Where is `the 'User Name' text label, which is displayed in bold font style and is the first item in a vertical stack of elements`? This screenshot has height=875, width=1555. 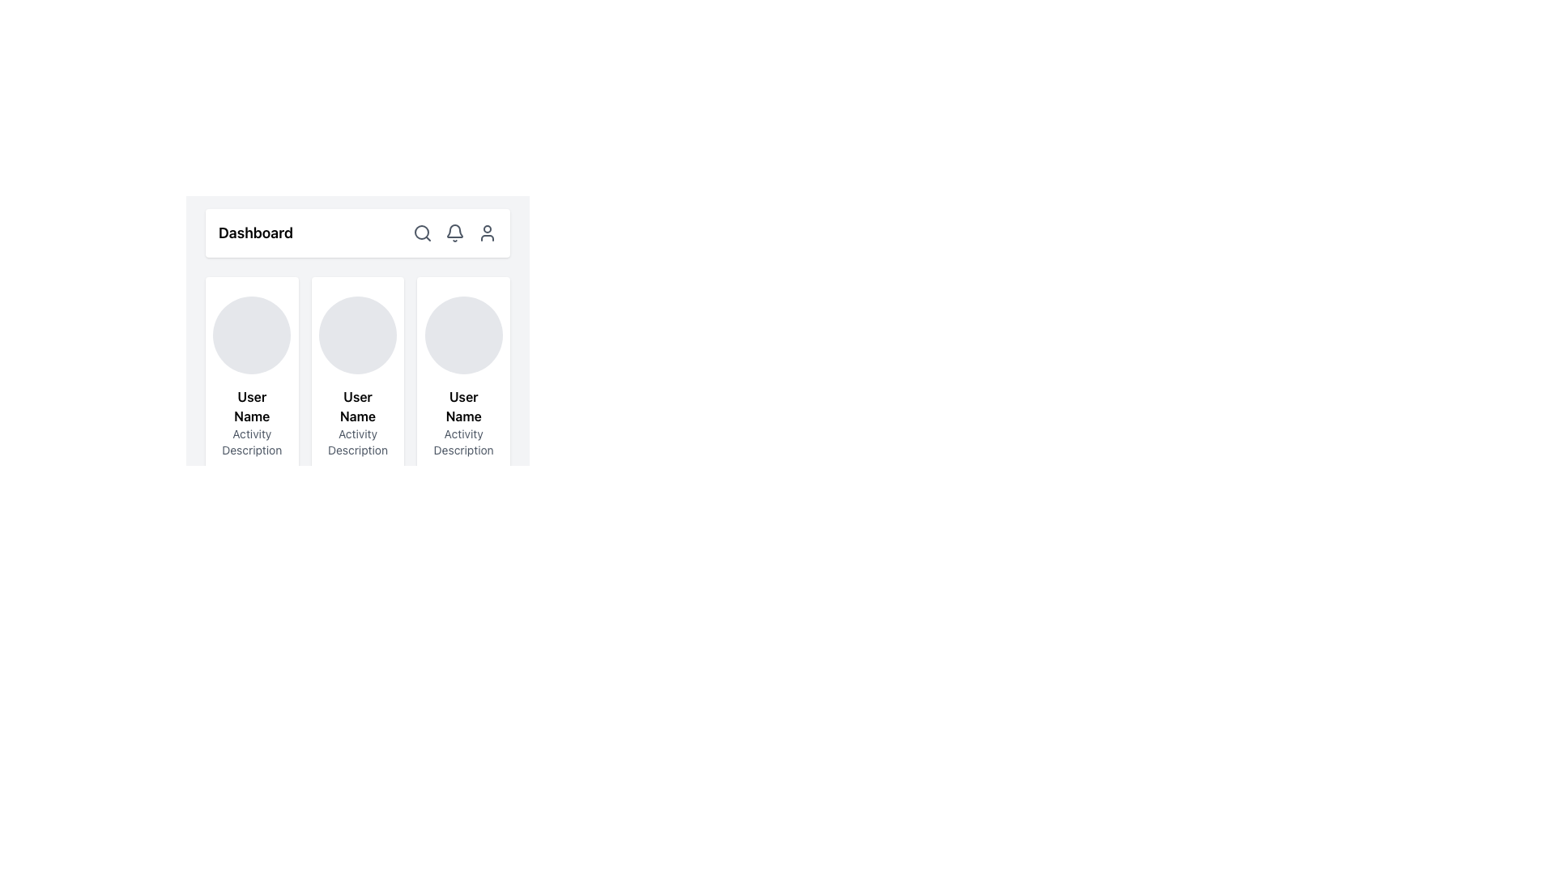
the 'User Name' text label, which is displayed in bold font style and is the first item in a vertical stack of elements is located at coordinates (251, 405).